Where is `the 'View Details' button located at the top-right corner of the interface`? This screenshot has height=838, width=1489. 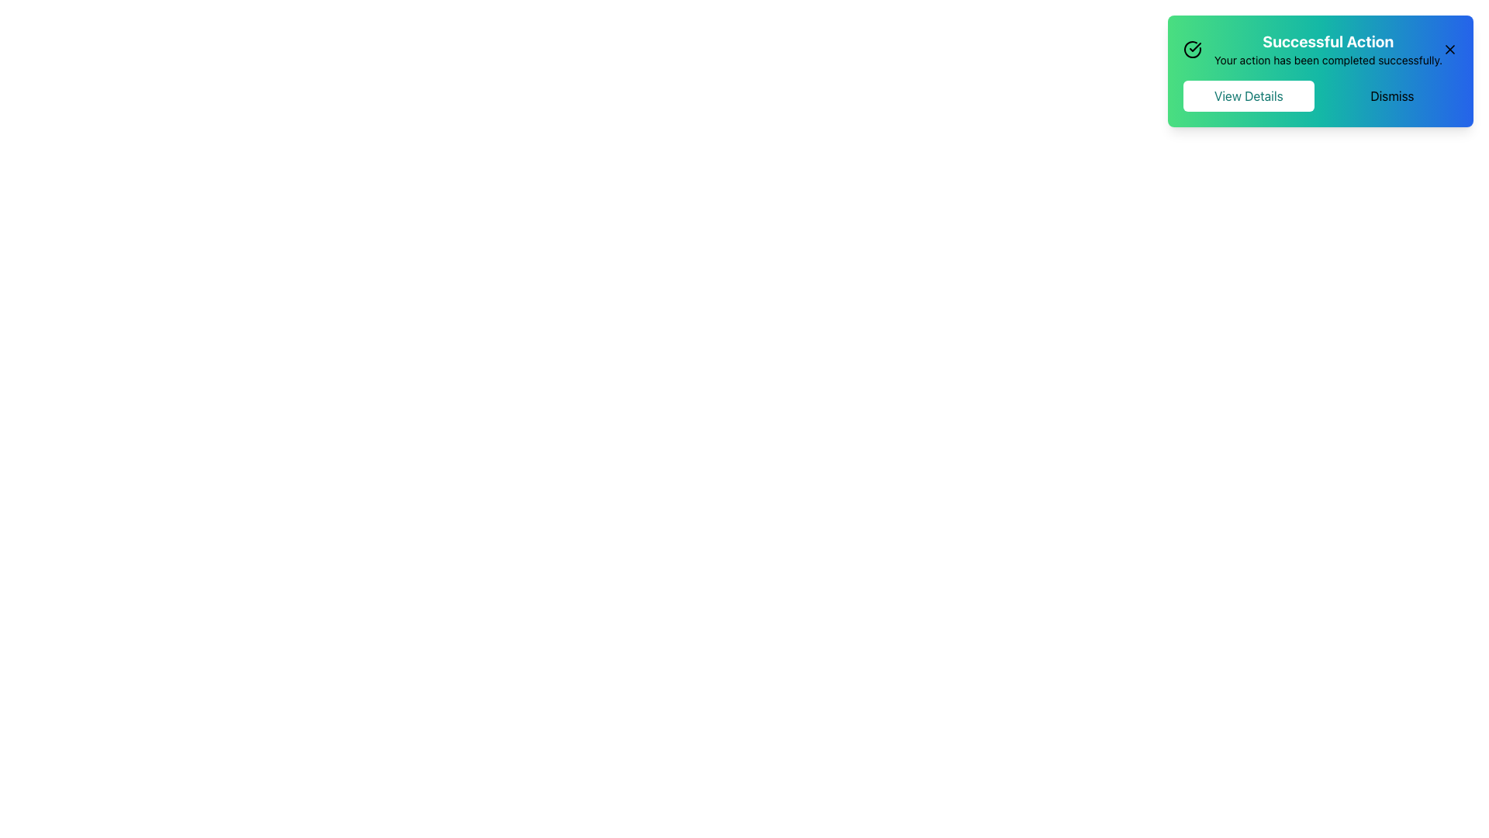
the 'View Details' button located at the top-right corner of the interface is located at coordinates (1249, 95).